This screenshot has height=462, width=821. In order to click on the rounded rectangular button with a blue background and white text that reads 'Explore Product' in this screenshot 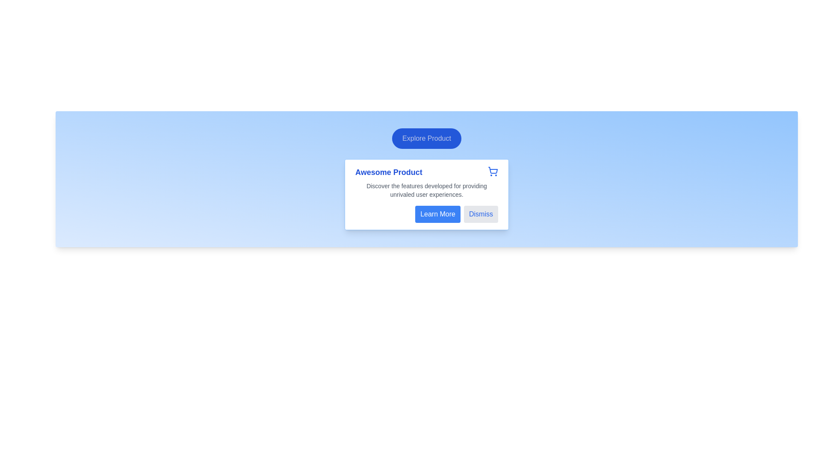, I will do `click(427, 138)`.